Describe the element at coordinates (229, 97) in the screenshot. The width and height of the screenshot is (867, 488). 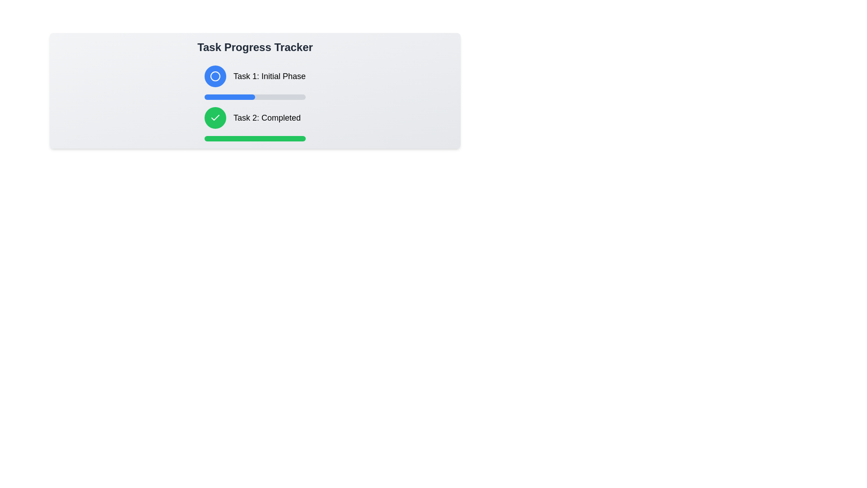
I see `the blue progress bar segment that represents 50% progress beneath 'Task 1: Initial Phase'` at that location.